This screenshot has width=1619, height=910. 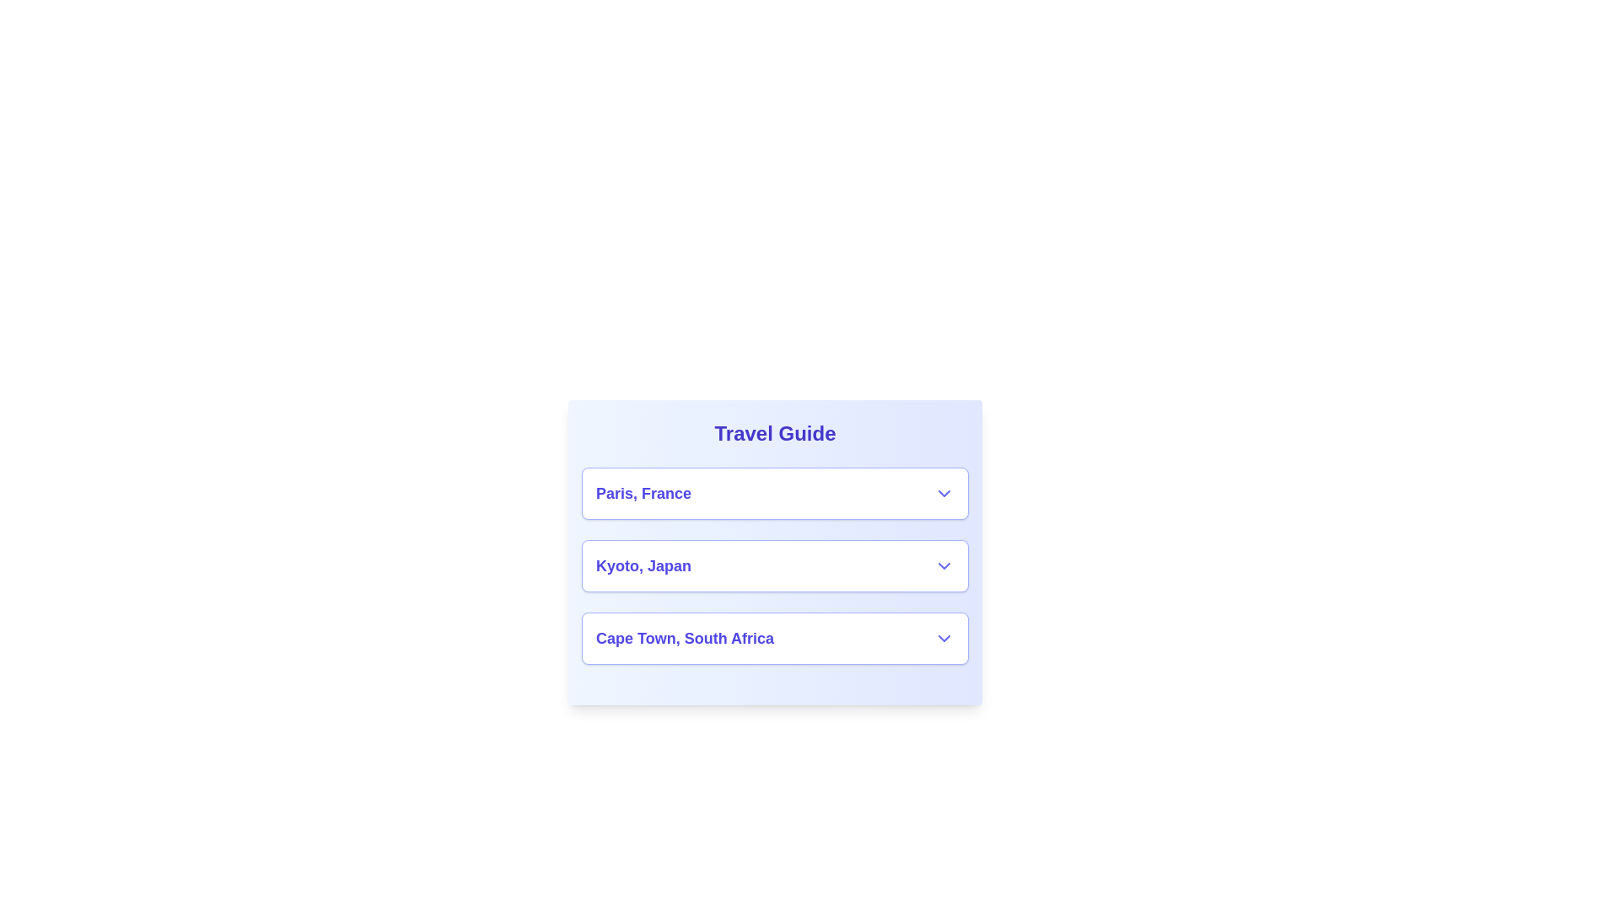 What do you see at coordinates (774, 493) in the screenshot?
I see `the topmost dropdown menu trigger element, which is bordered and has a white background with indigo accents` at bounding box center [774, 493].